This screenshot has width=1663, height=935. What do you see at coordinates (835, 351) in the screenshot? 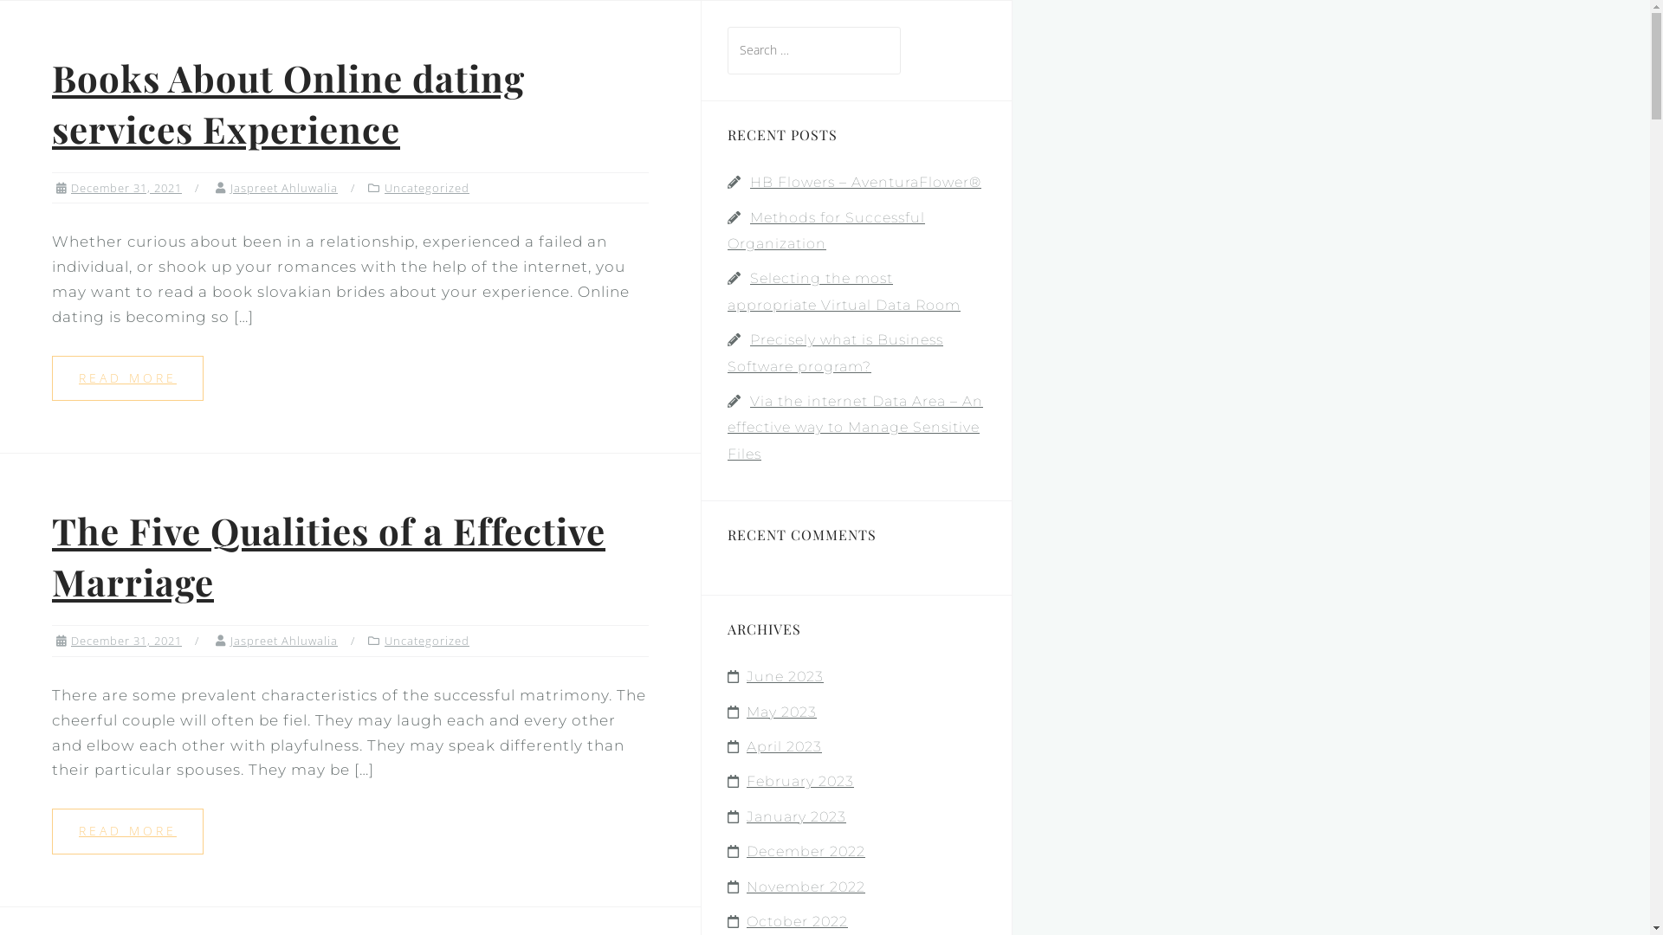
I see `'Precisely what is Business Software program?'` at bounding box center [835, 351].